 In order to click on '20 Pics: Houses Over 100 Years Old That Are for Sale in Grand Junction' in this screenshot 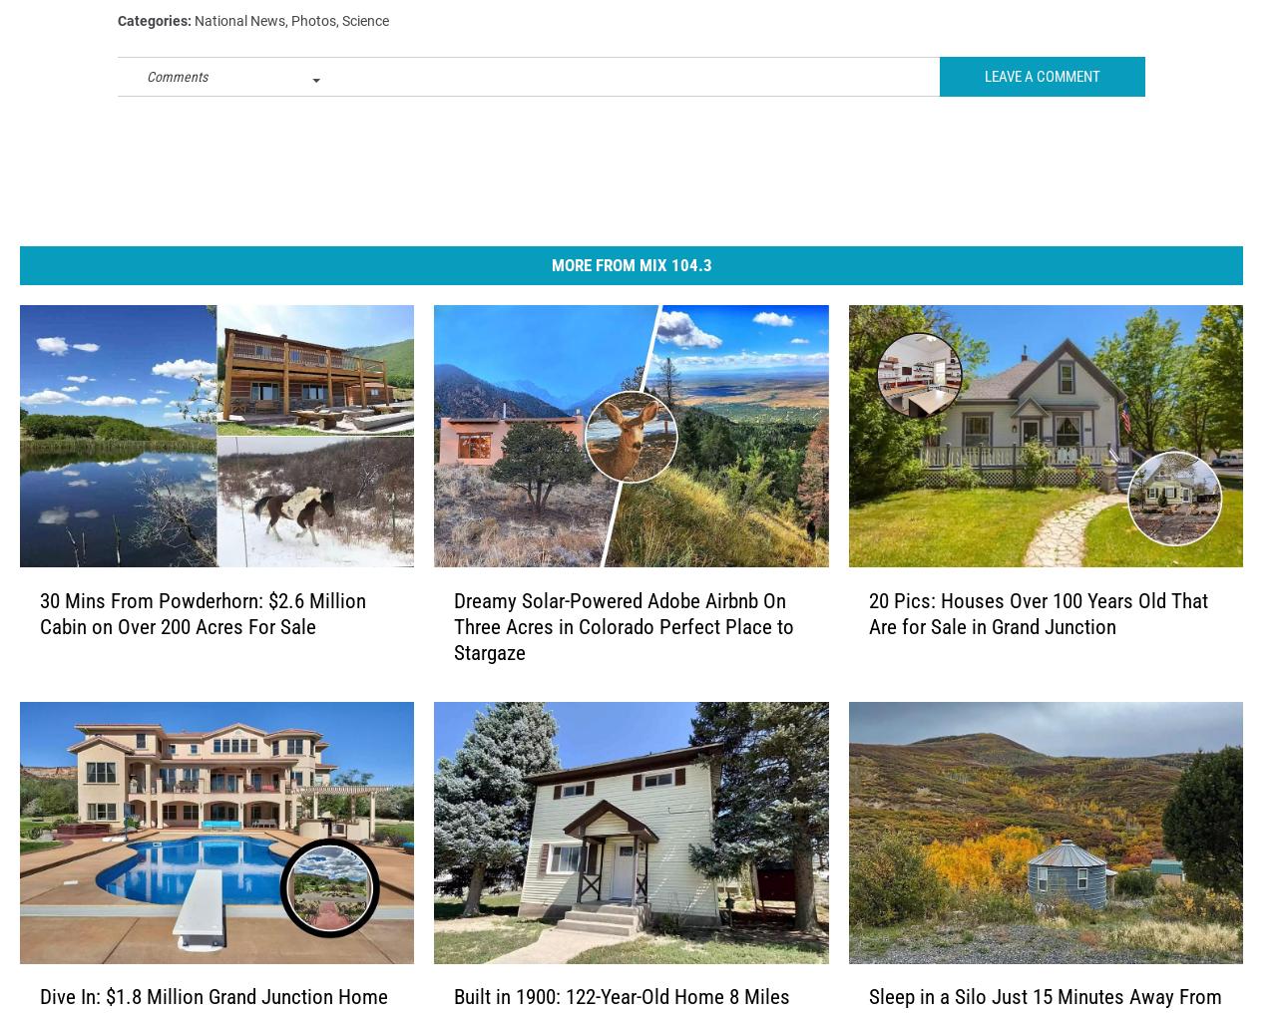, I will do `click(1036, 645)`.